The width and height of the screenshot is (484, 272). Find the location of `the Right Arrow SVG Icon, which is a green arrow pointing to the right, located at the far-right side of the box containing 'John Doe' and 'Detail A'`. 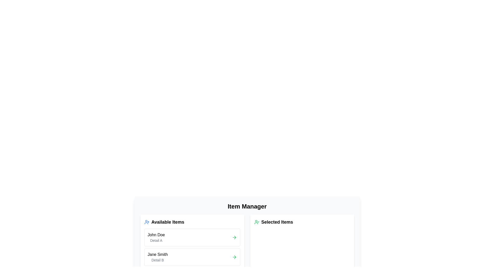

the Right Arrow SVG Icon, which is a green arrow pointing to the right, located at the far-right side of the box containing 'John Doe' and 'Detail A' is located at coordinates (234, 237).